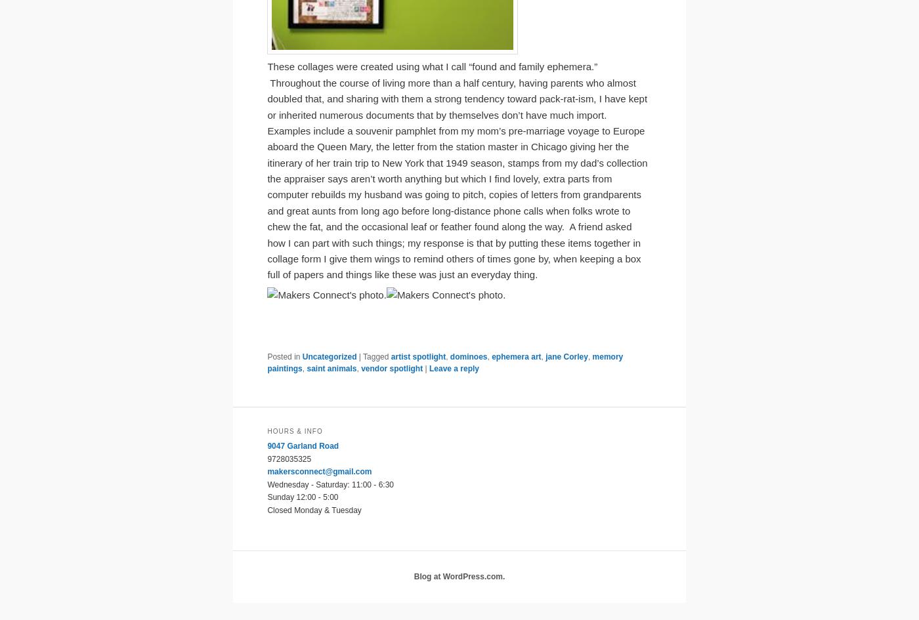 The image size is (919, 620). I want to click on 'Hours & Info', so click(294, 430).